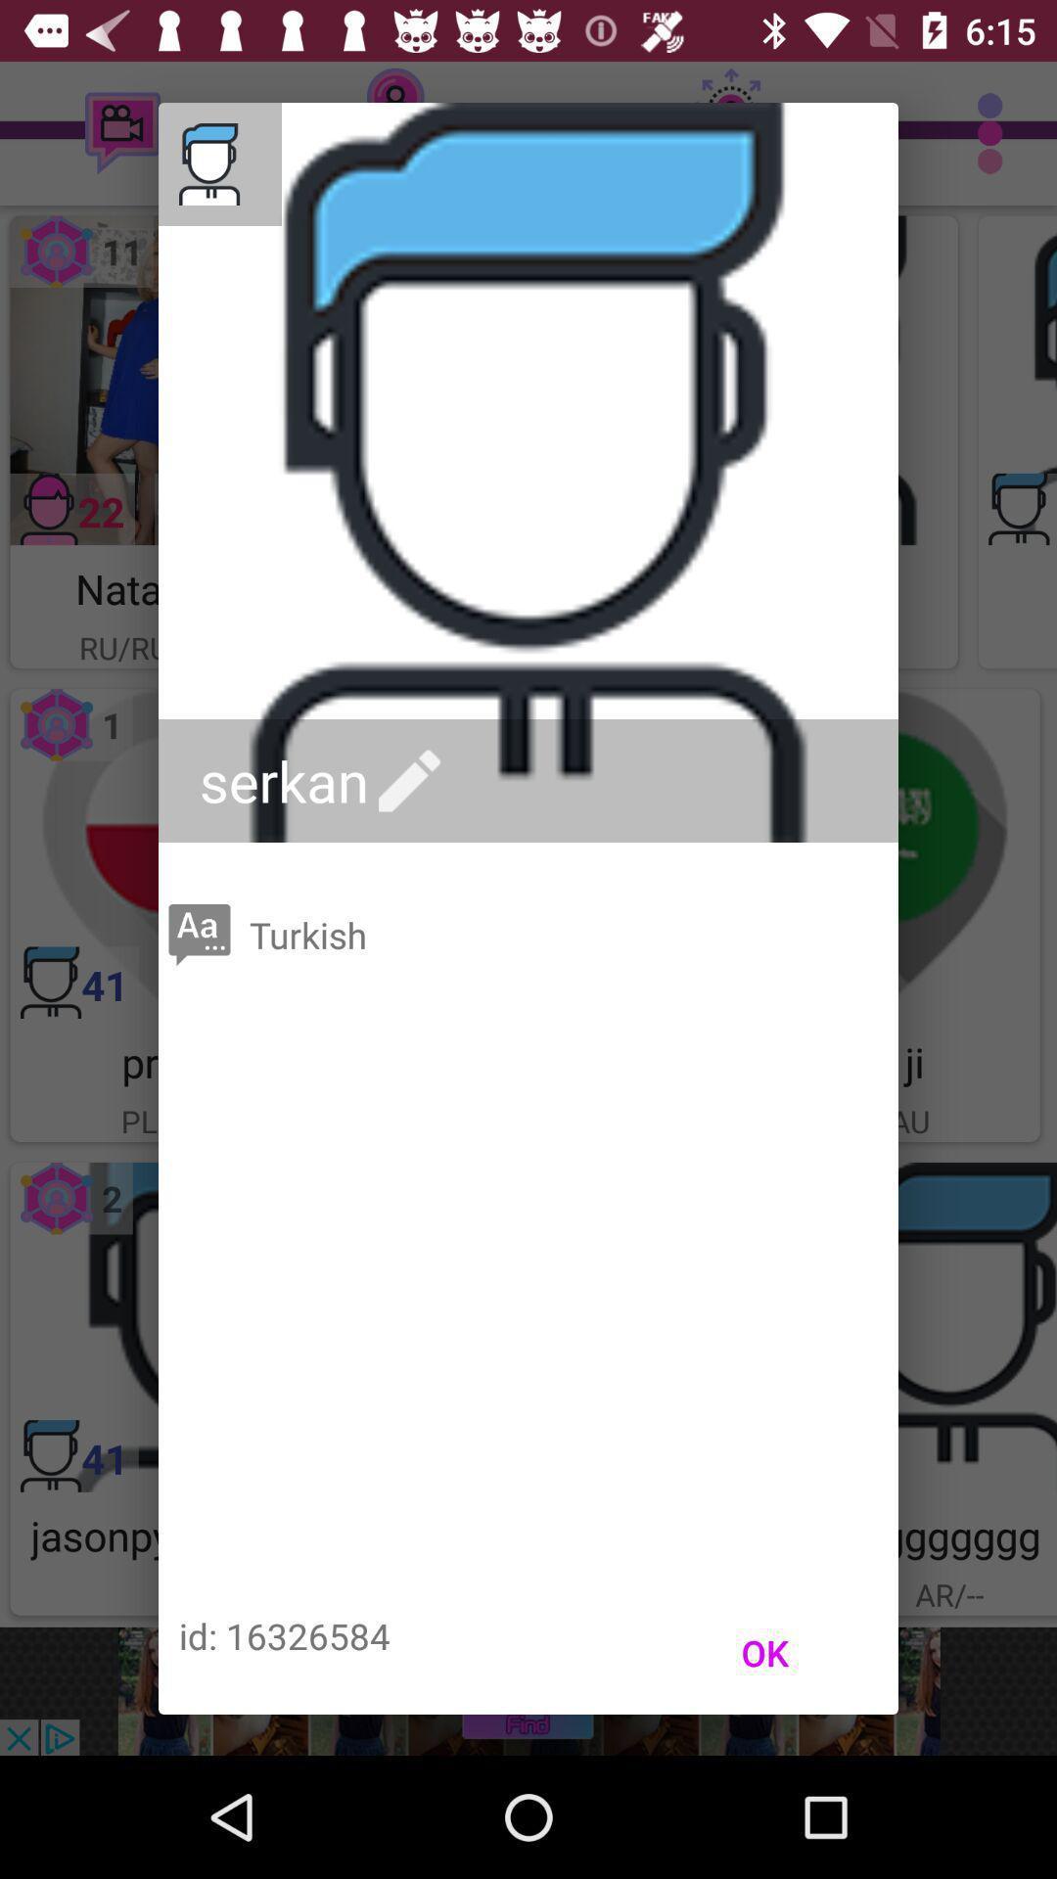  Describe the element at coordinates (763, 1652) in the screenshot. I see `icon to the right of id: 16326584 item` at that location.